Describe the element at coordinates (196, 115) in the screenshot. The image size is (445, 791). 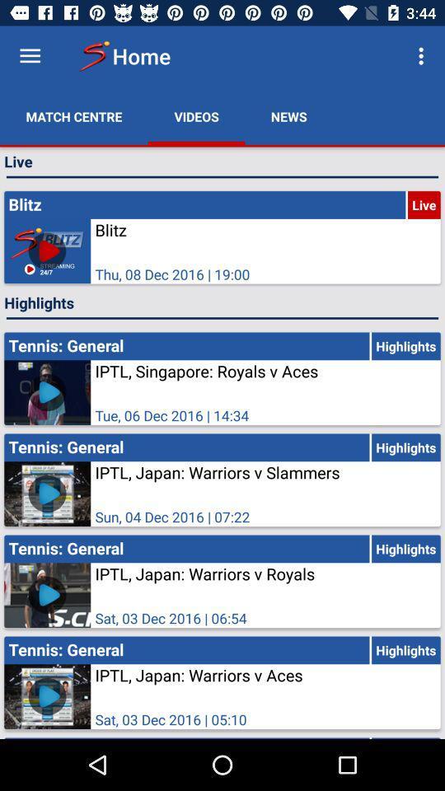
I see `videos app` at that location.